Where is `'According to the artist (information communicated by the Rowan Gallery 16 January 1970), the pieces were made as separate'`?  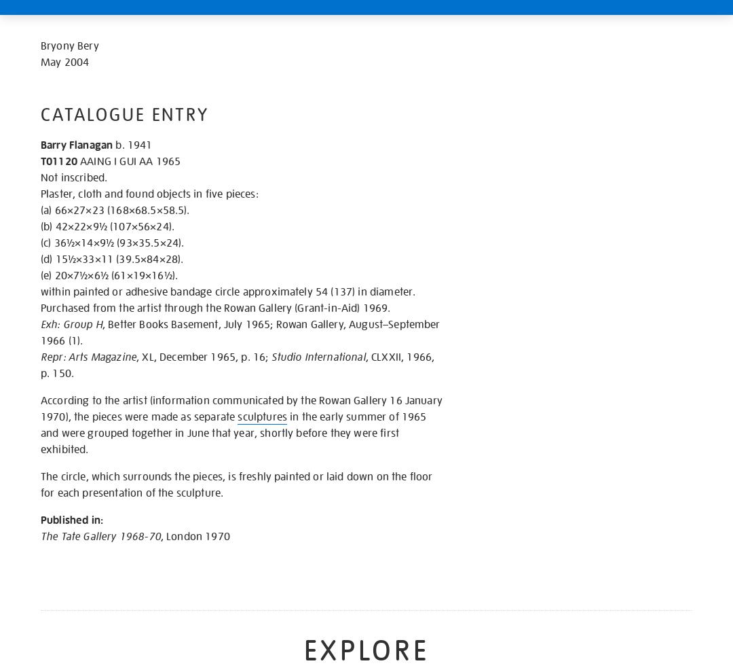
'According to the artist (information communicated by the Rowan Gallery 16 January 1970), the pieces were made as separate' is located at coordinates (40, 408).